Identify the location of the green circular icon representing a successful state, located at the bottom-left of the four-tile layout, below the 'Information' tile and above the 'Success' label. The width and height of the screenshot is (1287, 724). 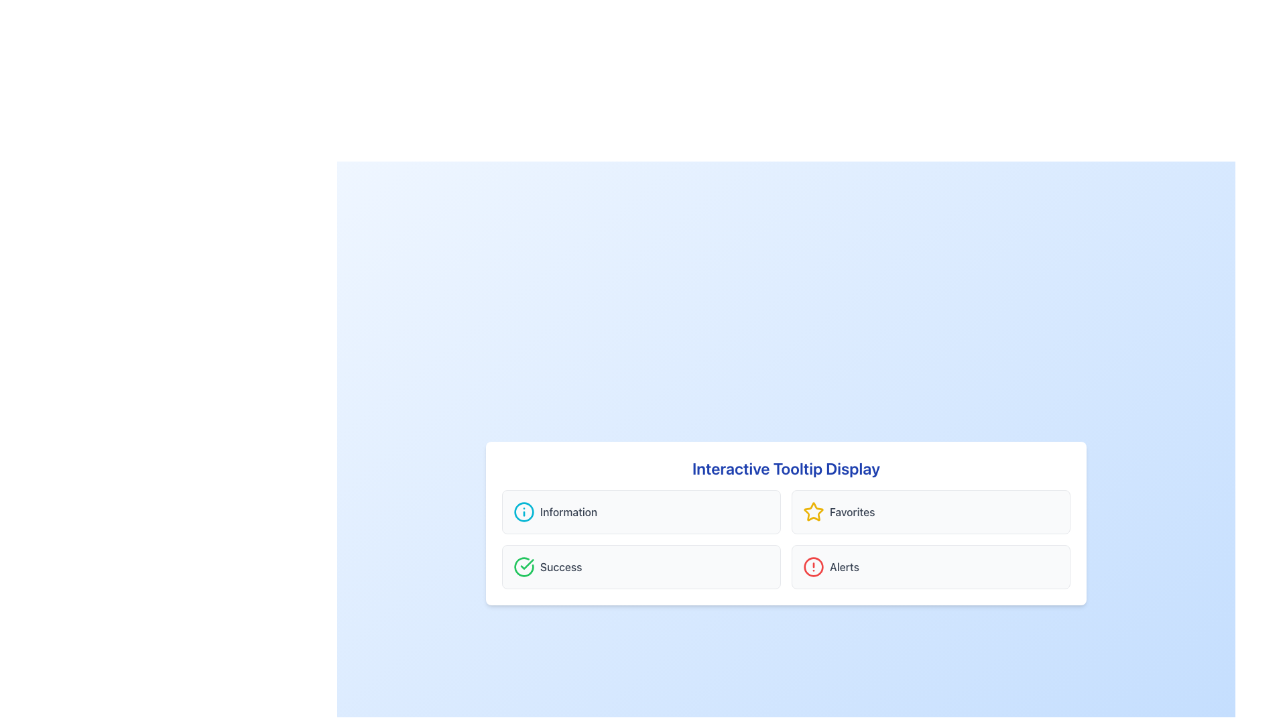
(526, 564).